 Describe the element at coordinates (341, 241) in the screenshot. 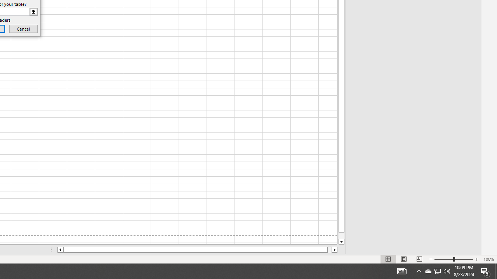

I see `'Line down'` at that location.